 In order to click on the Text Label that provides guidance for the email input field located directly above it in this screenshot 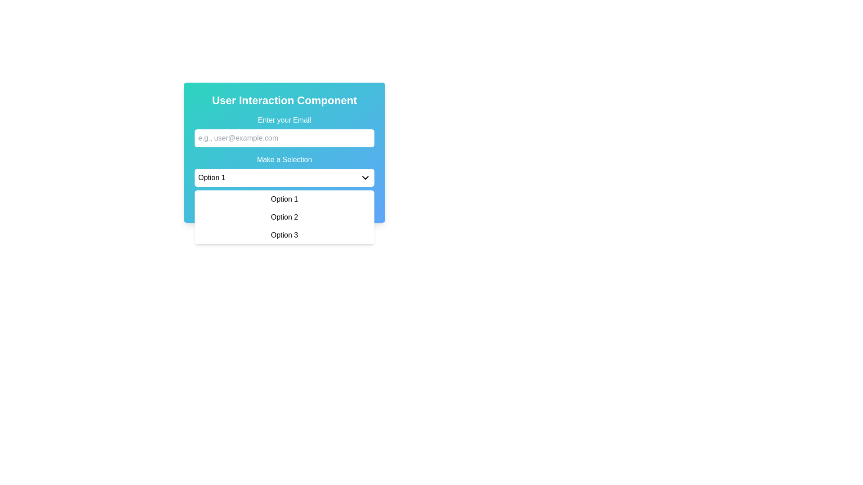, I will do `click(284, 119)`.